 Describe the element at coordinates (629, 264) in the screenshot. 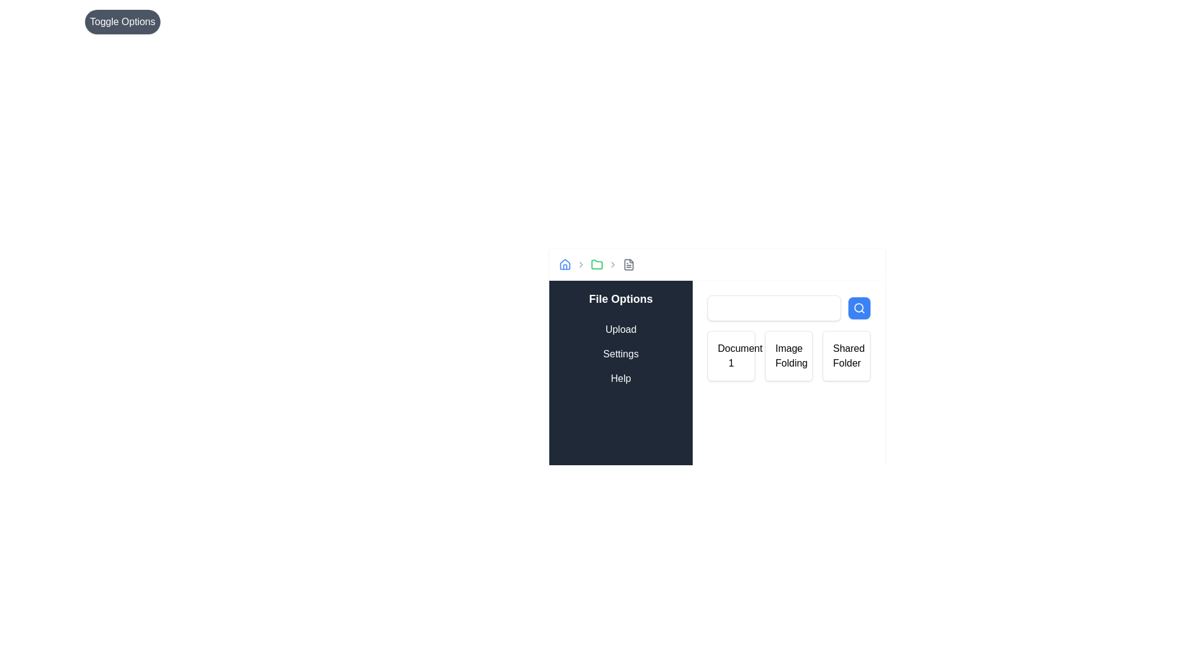

I see `the gray file icon located in the horizontal navigation bar` at that location.